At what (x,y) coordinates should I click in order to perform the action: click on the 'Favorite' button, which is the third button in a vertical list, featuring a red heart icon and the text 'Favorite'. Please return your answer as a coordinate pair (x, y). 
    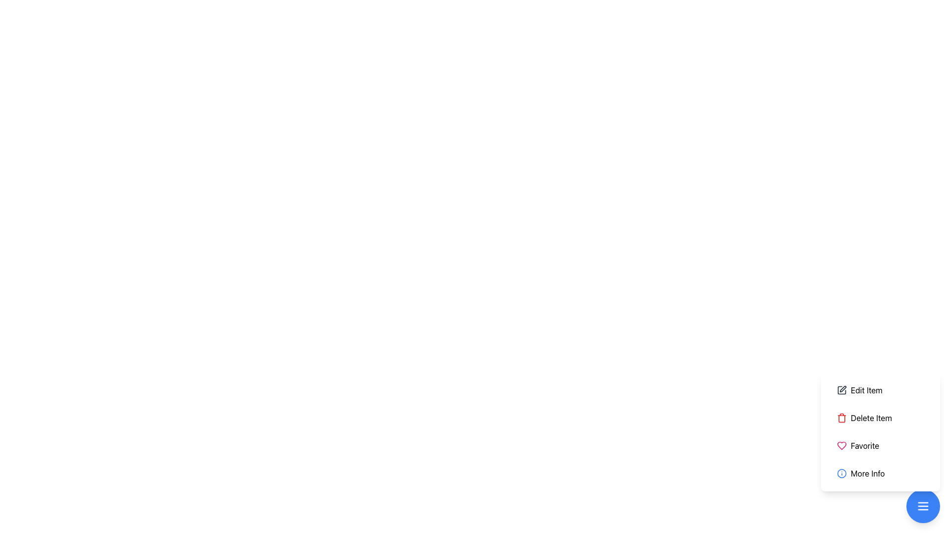
    Looking at the image, I should click on (881, 445).